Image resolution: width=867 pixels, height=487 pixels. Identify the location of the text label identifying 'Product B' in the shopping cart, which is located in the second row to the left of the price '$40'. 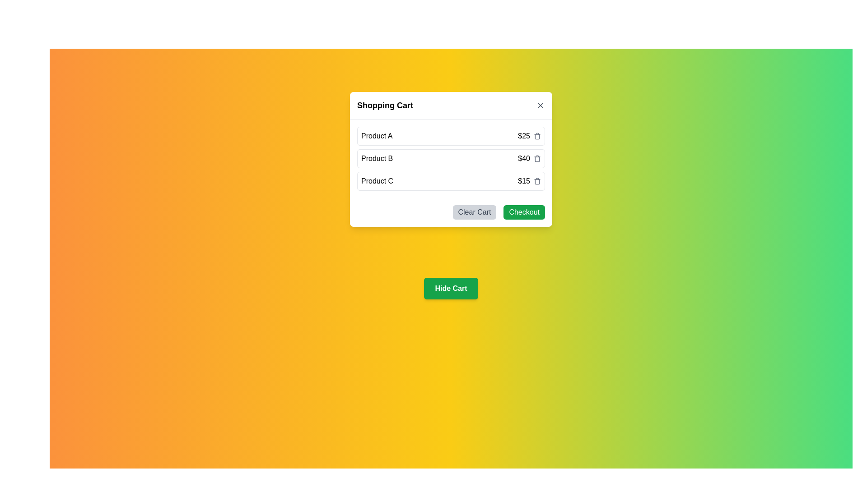
(377, 158).